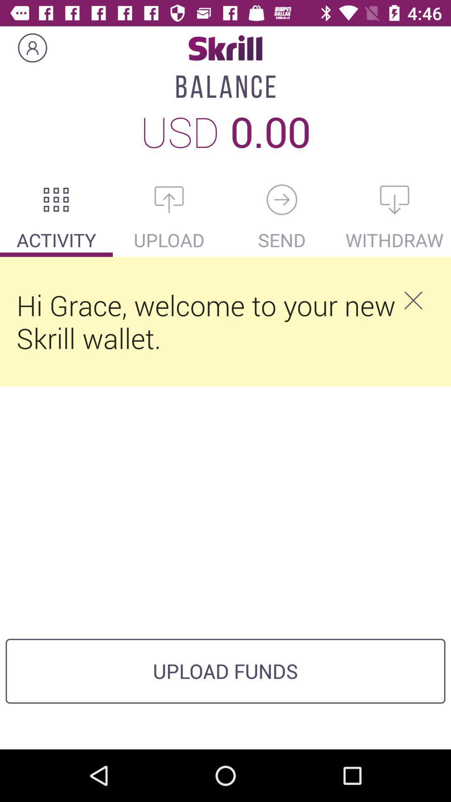 The image size is (451, 802). What do you see at coordinates (395, 199) in the screenshot?
I see `withdraw balance` at bounding box center [395, 199].